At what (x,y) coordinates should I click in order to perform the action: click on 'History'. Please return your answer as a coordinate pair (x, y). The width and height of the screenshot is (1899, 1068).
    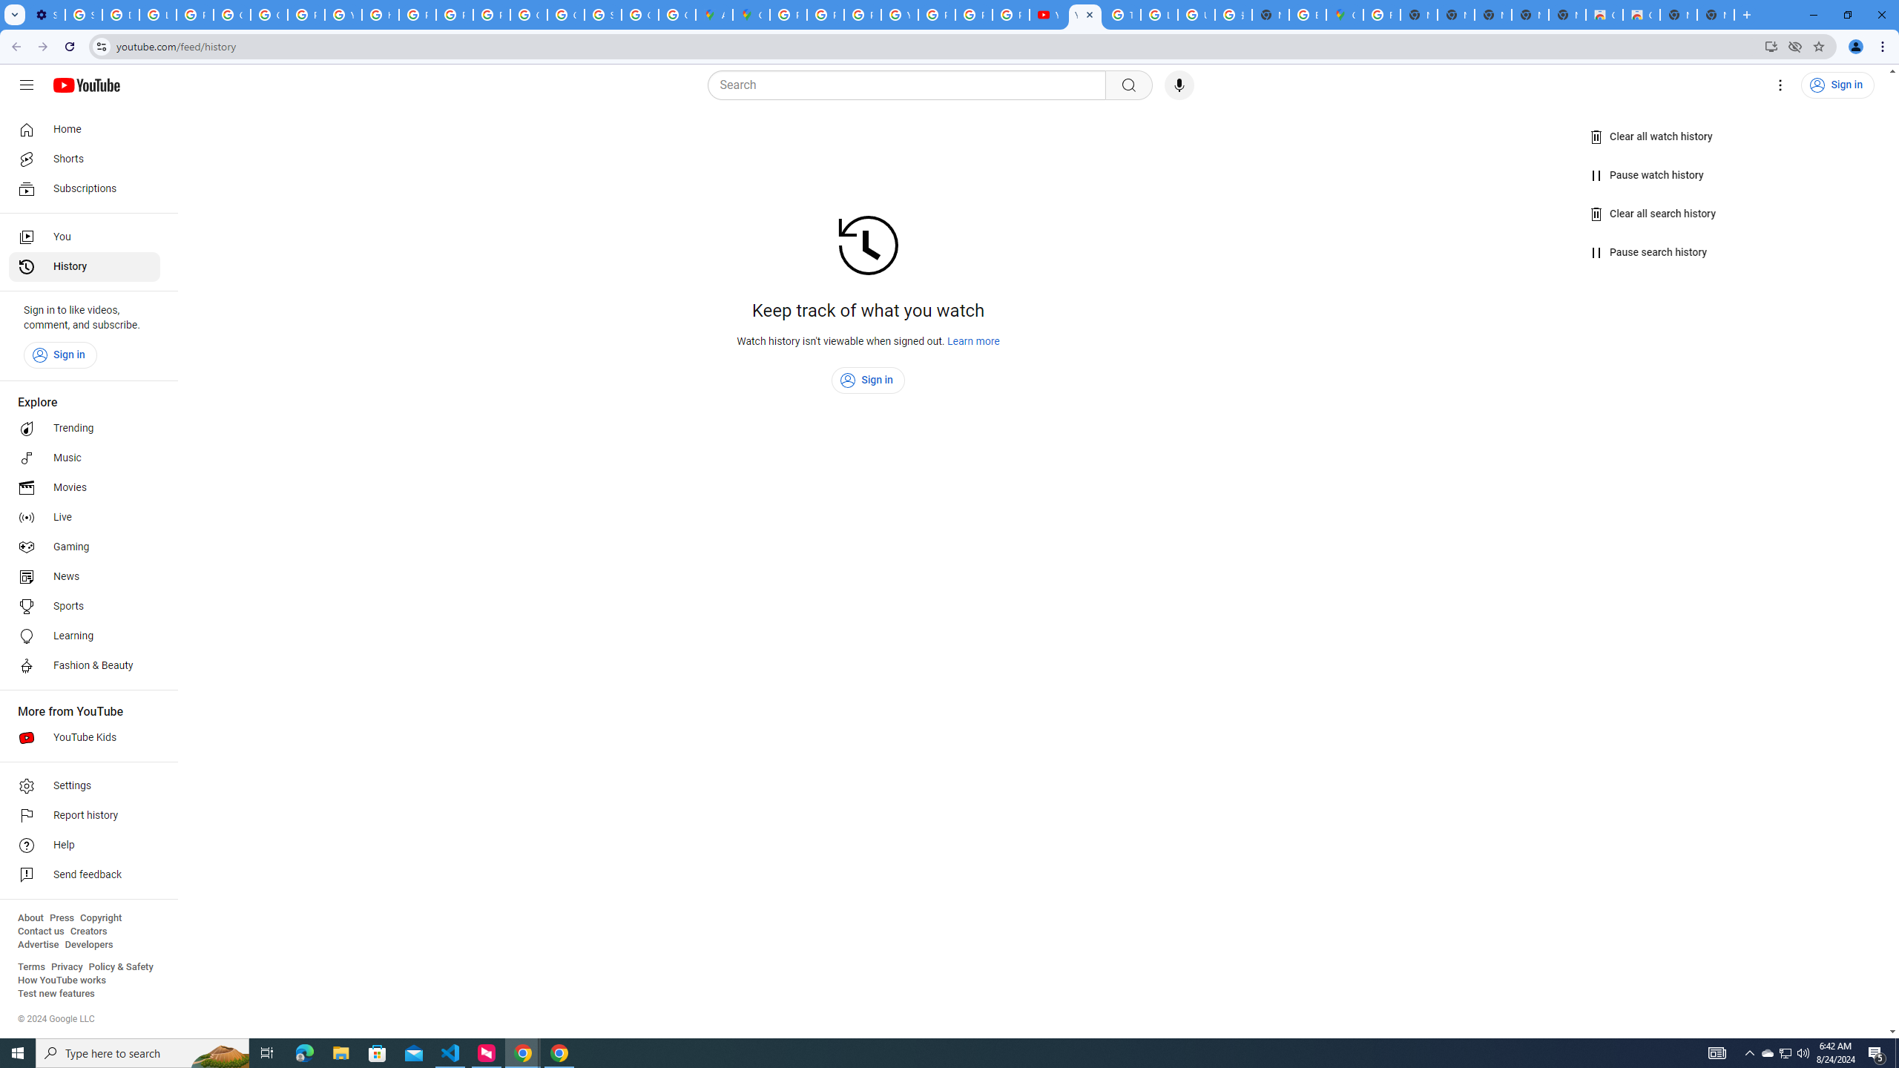
    Looking at the image, I should click on (84, 267).